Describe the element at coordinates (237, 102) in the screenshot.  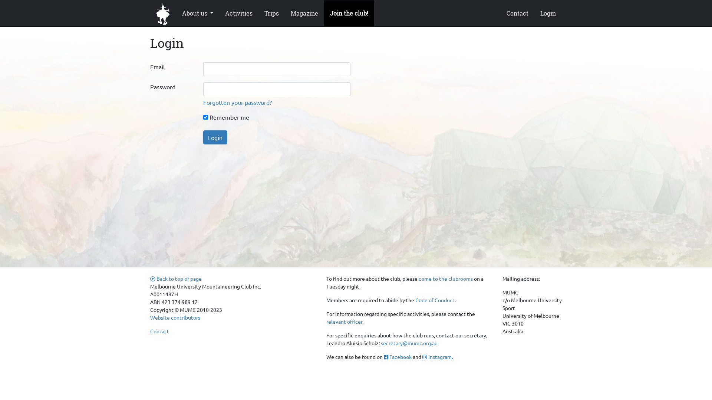
I see `'Forgotten your password?'` at that location.